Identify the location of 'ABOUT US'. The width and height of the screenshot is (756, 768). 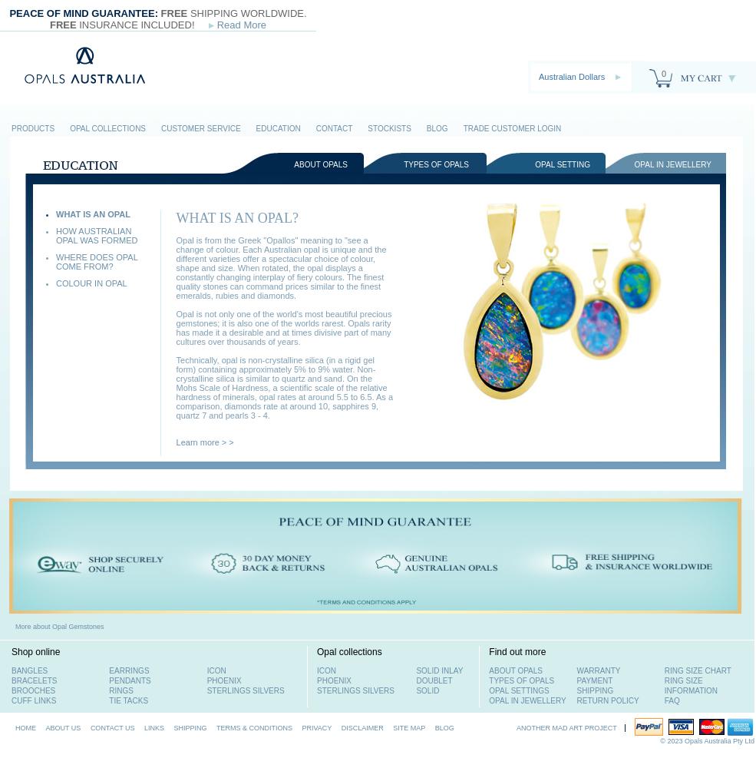
(63, 727).